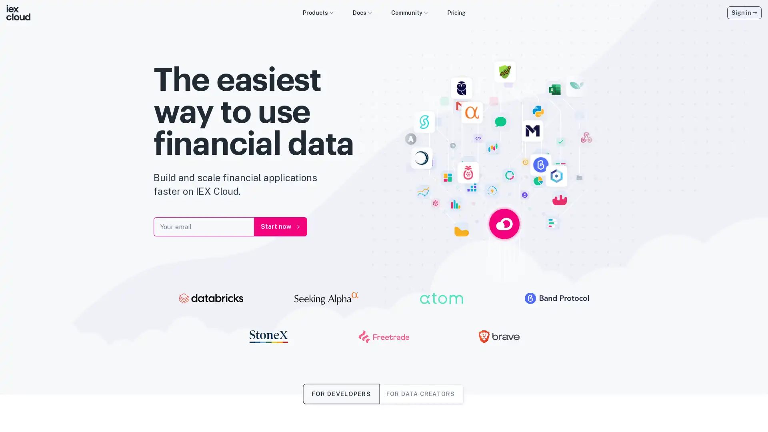 This screenshot has width=768, height=432. I want to click on FOR DEVELOPERS, so click(341, 393).